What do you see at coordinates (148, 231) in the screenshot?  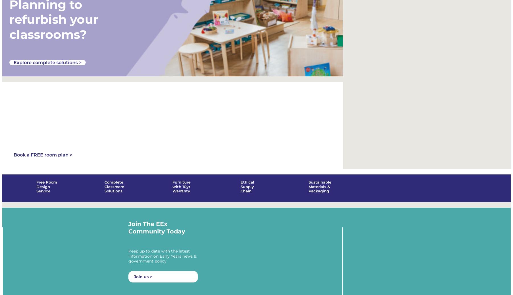 I see `'Join The EEx'` at bounding box center [148, 231].